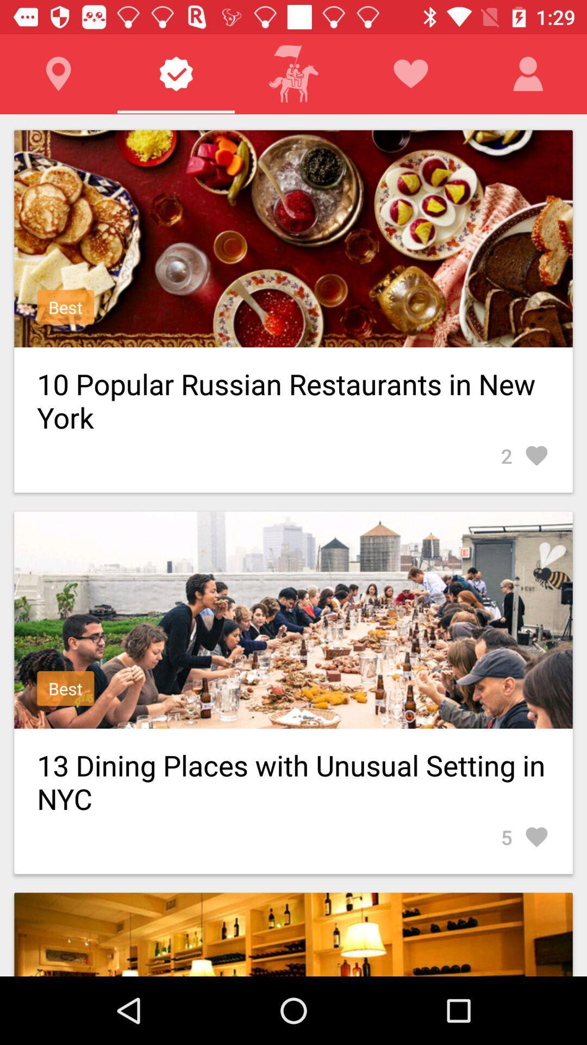 This screenshot has height=1045, width=587. What do you see at coordinates (524, 456) in the screenshot?
I see `the 2 on the right` at bounding box center [524, 456].